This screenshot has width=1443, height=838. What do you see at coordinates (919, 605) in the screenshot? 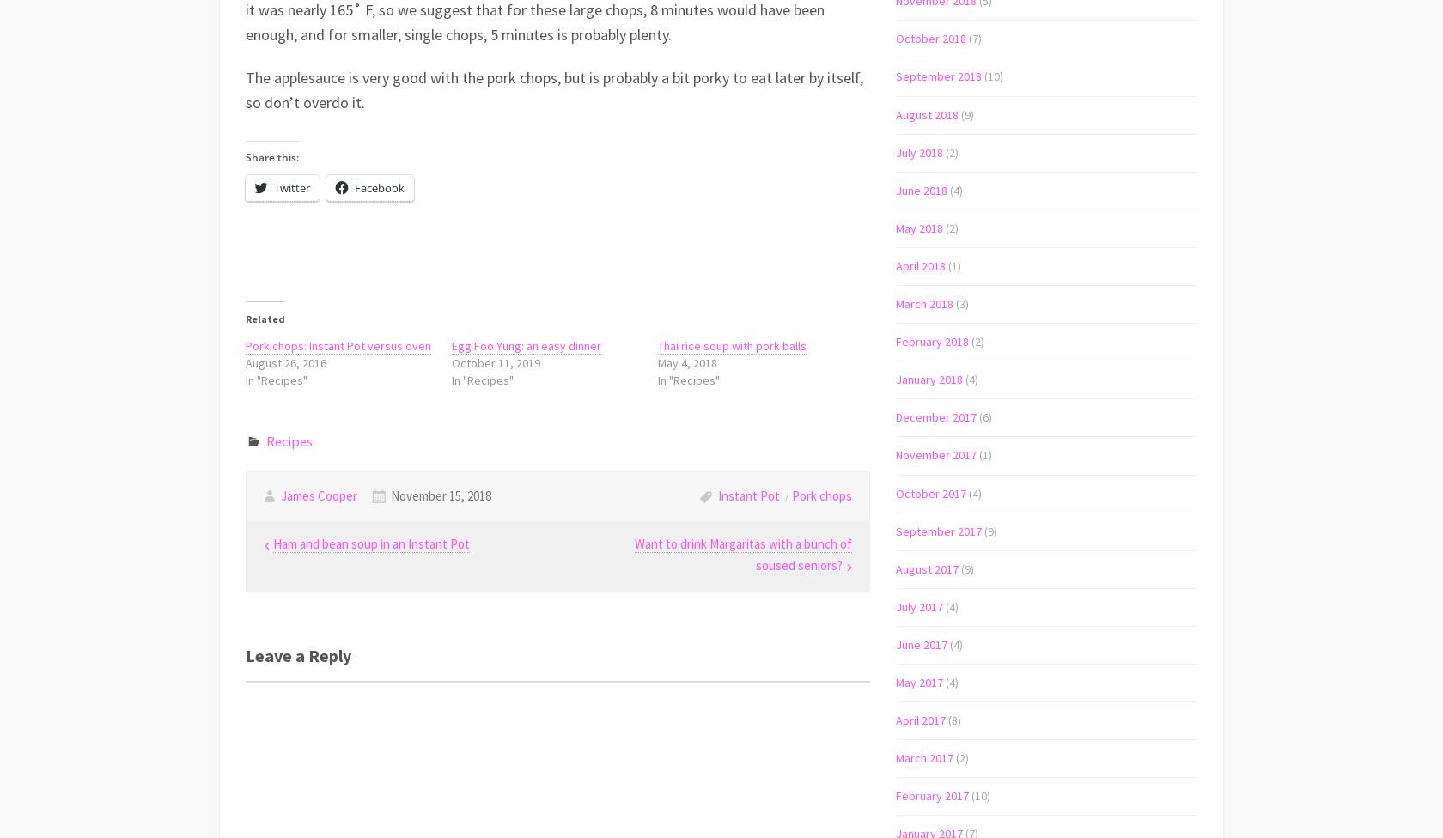
I see `'July 2017'` at bounding box center [919, 605].